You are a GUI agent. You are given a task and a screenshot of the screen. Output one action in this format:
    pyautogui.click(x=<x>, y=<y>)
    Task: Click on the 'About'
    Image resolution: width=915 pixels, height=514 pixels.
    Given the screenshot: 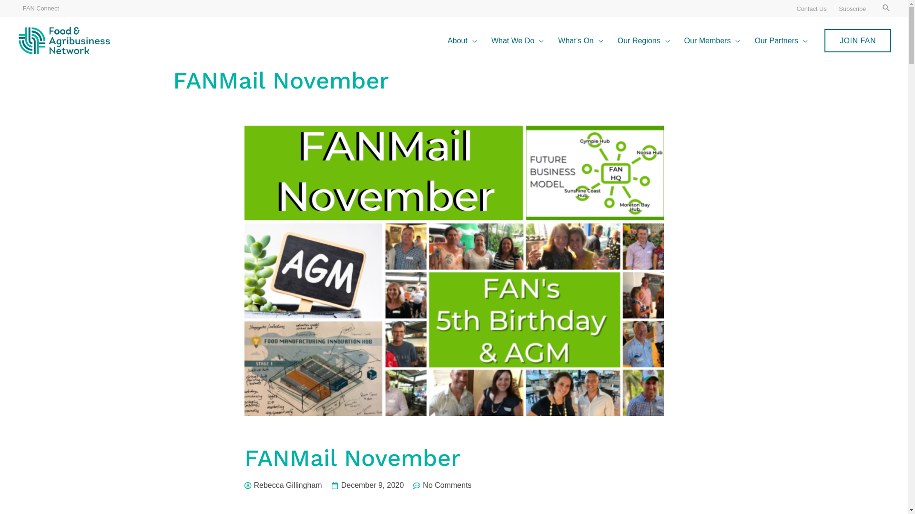 What is the action you would take?
    pyautogui.click(x=462, y=40)
    